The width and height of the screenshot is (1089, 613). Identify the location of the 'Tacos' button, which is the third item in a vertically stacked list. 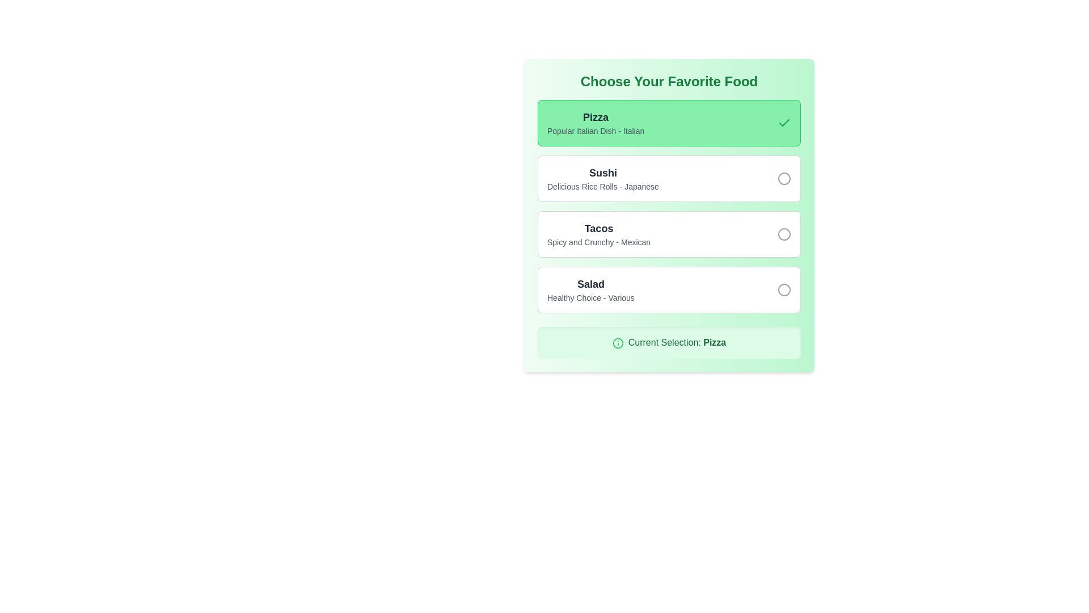
(669, 233).